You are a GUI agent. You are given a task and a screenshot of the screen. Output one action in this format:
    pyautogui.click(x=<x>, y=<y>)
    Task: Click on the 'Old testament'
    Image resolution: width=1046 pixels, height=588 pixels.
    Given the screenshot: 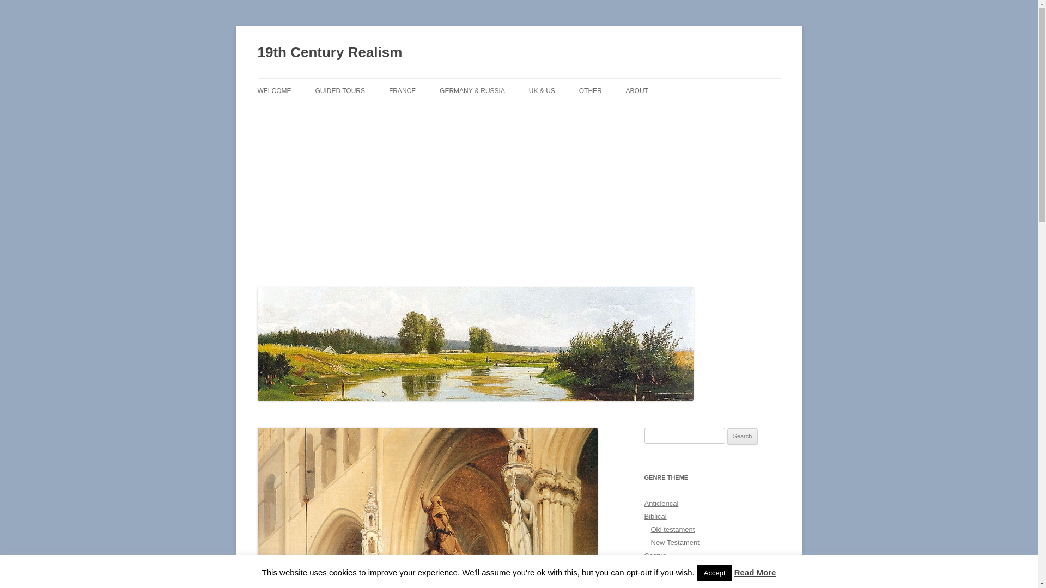 What is the action you would take?
    pyautogui.click(x=672, y=529)
    